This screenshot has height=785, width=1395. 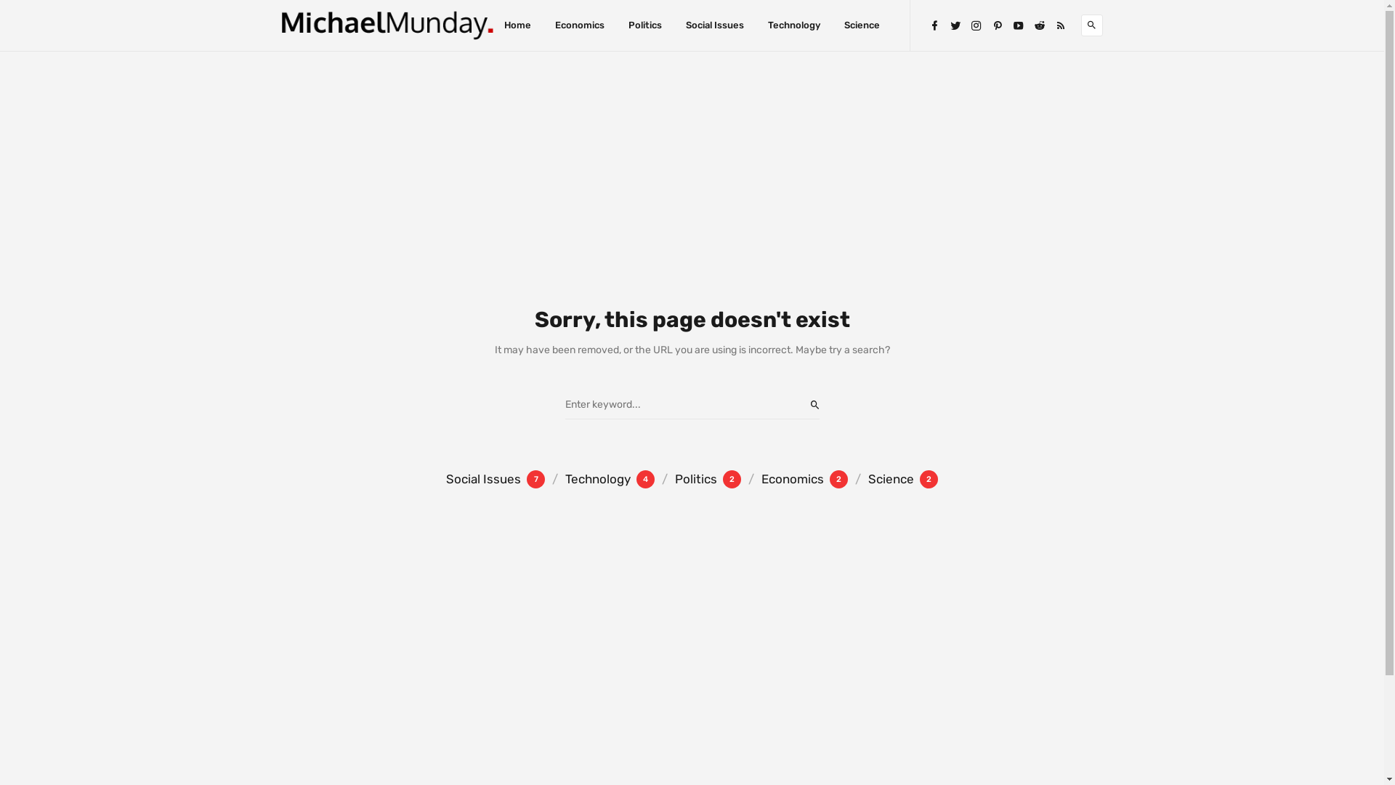 What do you see at coordinates (793, 25) in the screenshot?
I see `'Technology'` at bounding box center [793, 25].